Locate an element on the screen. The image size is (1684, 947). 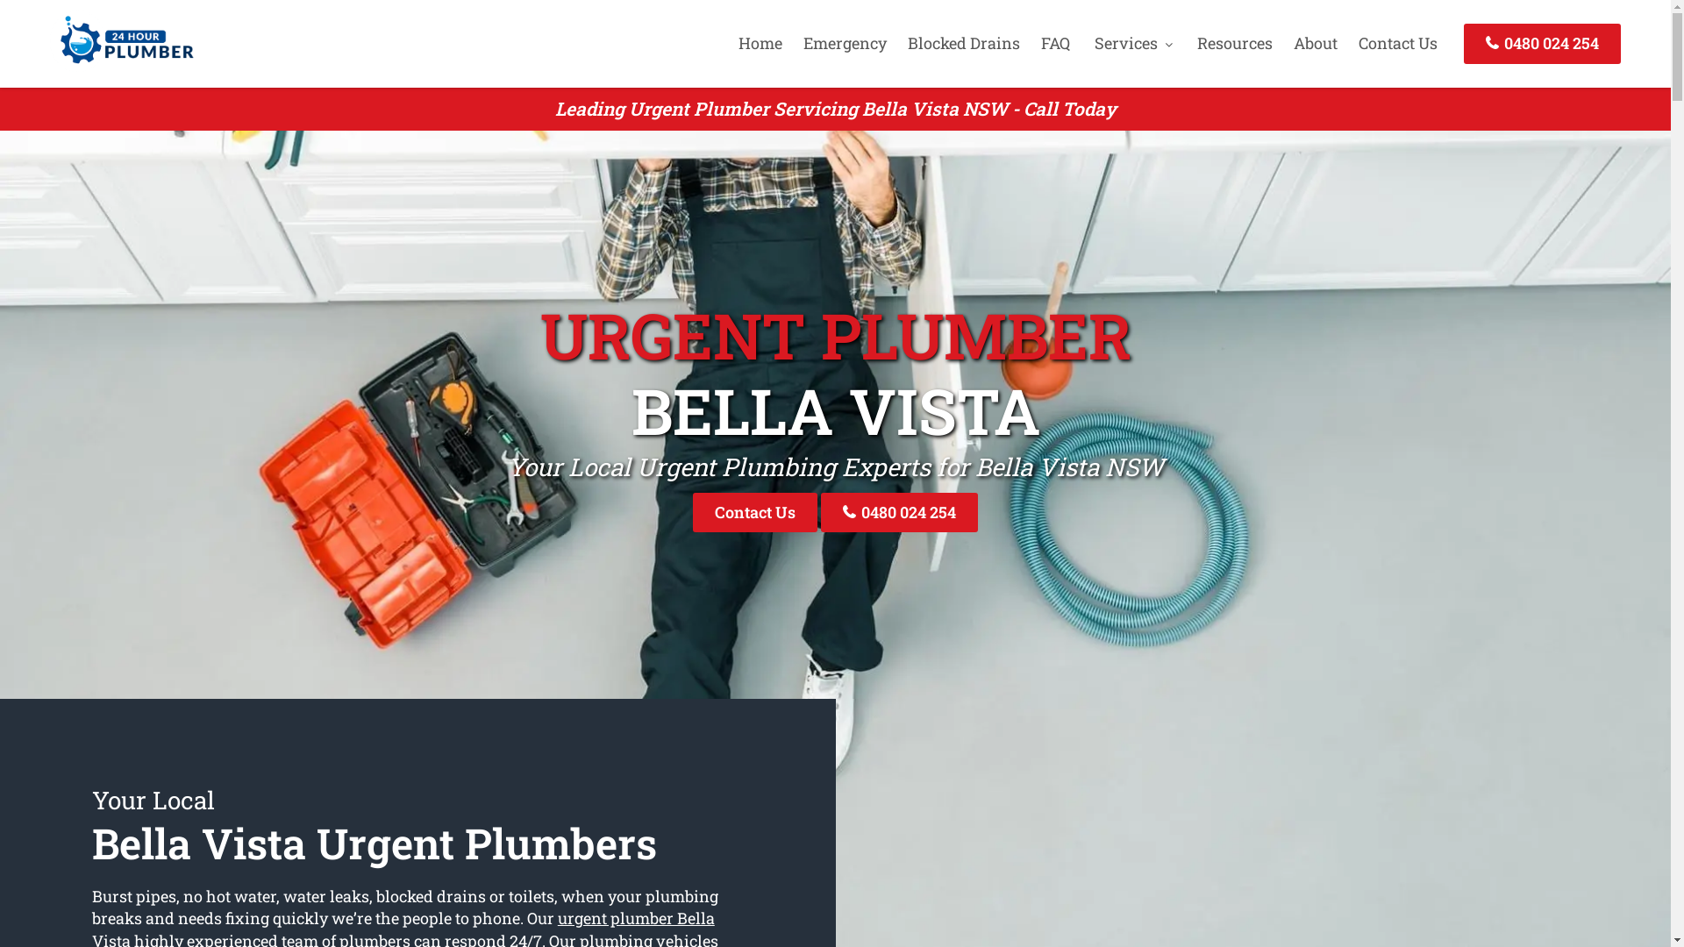
'Contact Us' is located at coordinates (1396, 42).